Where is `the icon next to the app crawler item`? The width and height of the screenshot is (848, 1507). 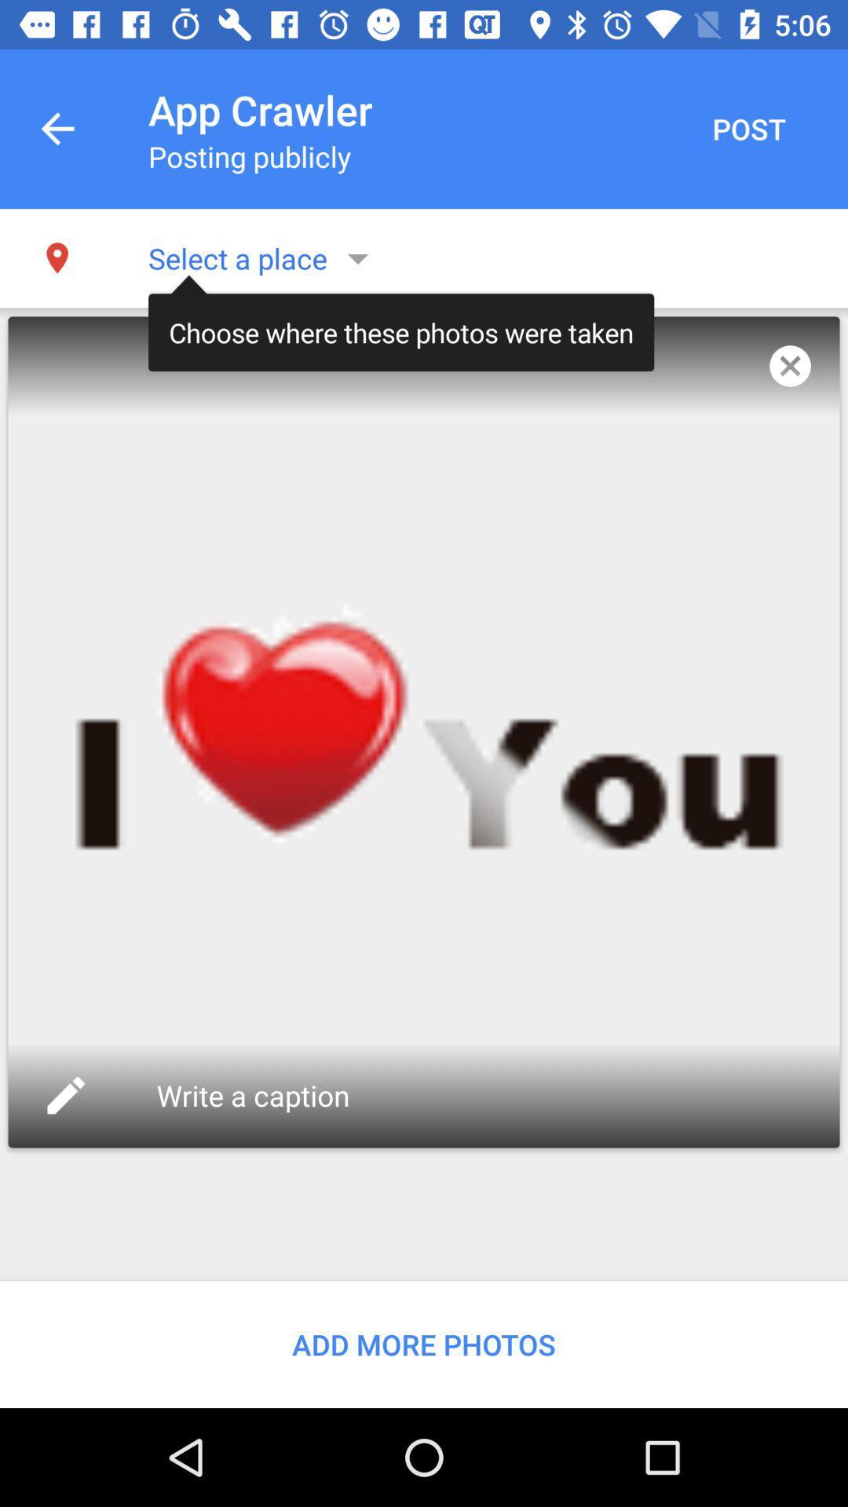 the icon next to the app crawler item is located at coordinates (57, 129).